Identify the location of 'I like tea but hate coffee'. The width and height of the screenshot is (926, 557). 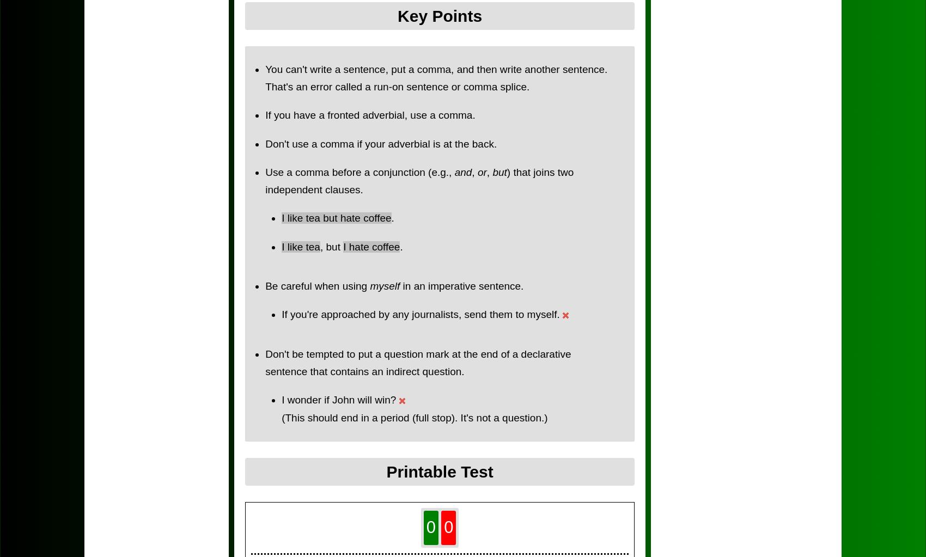
(336, 218).